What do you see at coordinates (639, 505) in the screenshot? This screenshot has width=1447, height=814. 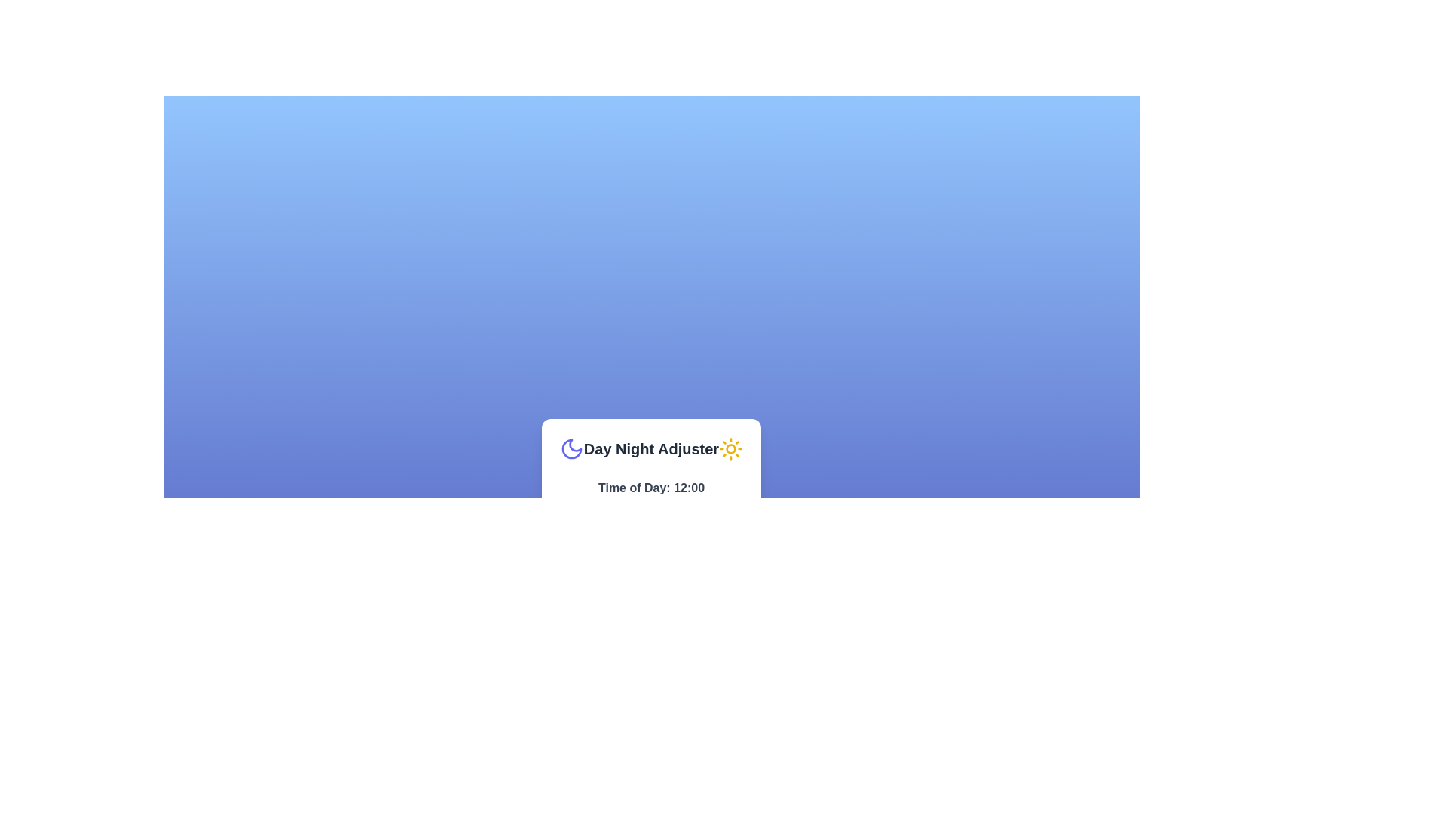 I see `the time to 10 hours using the slider` at bounding box center [639, 505].